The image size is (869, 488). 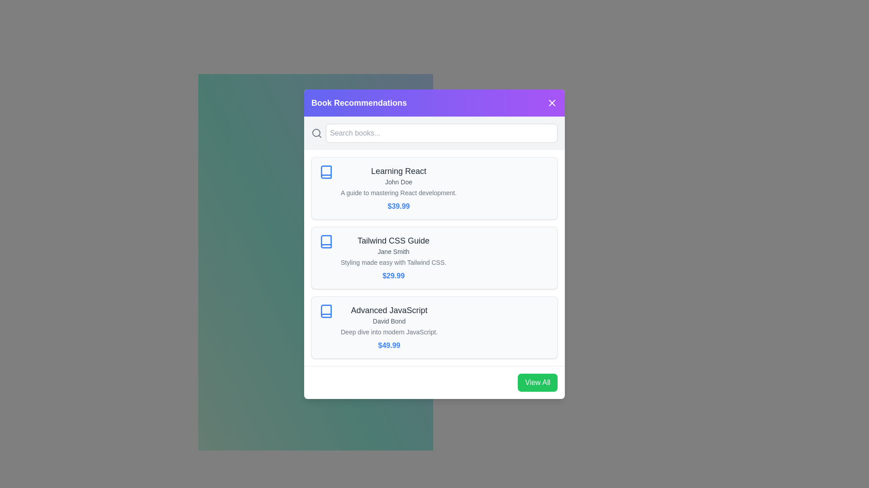 I want to click on the static text block that describes the book 'Tailwind CSS Guide', located below the author name 'Jane Smith' and above the price '$29.99', so click(x=393, y=262).